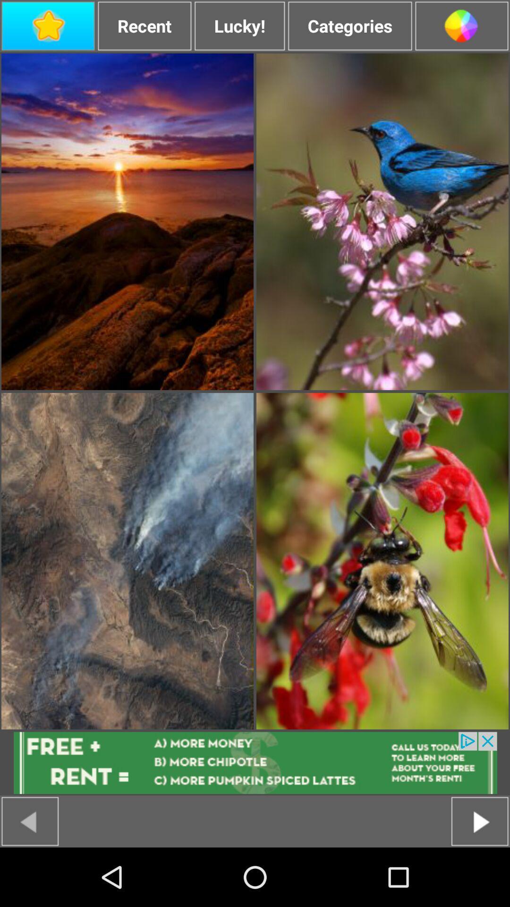 The width and height of the screenshot is (510, 907). What do you see at coordinates (480, 879) in the screenshot?
I see `the play icon` at bounding box center [480, 879].